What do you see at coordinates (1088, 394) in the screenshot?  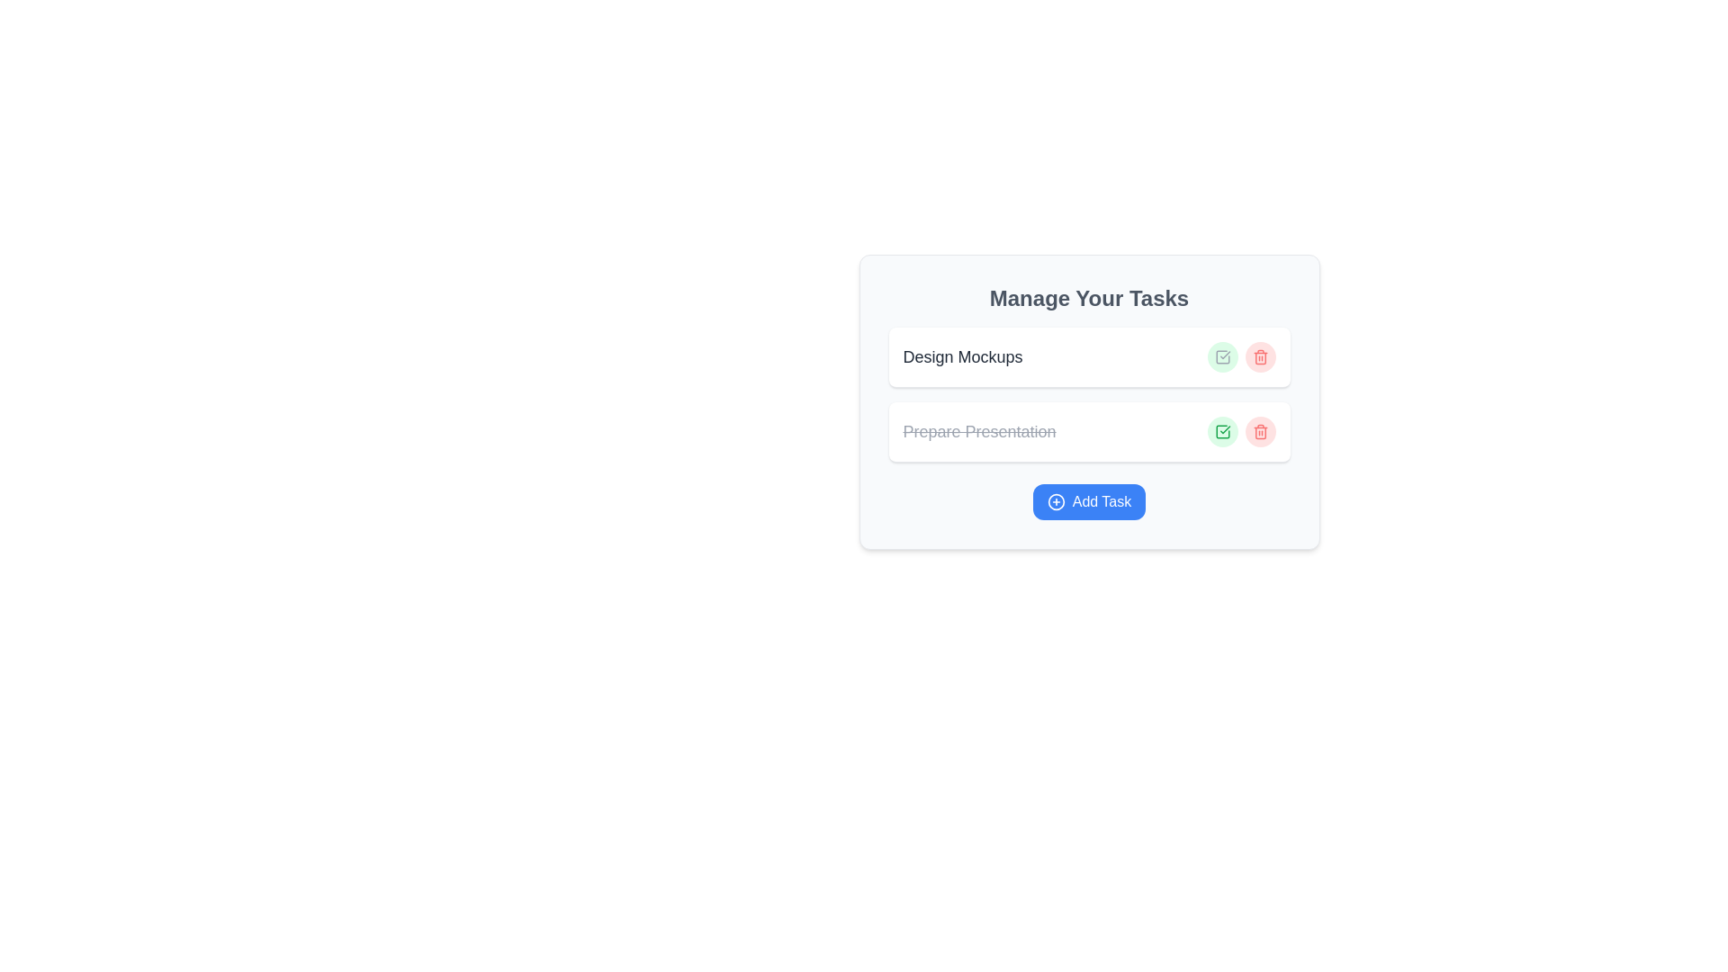 I see `the status of tasks in the Task display and management section located below the 'Manage Your Tasks' title and above the 'Add Task' button` at bounding box center [1088, 394].